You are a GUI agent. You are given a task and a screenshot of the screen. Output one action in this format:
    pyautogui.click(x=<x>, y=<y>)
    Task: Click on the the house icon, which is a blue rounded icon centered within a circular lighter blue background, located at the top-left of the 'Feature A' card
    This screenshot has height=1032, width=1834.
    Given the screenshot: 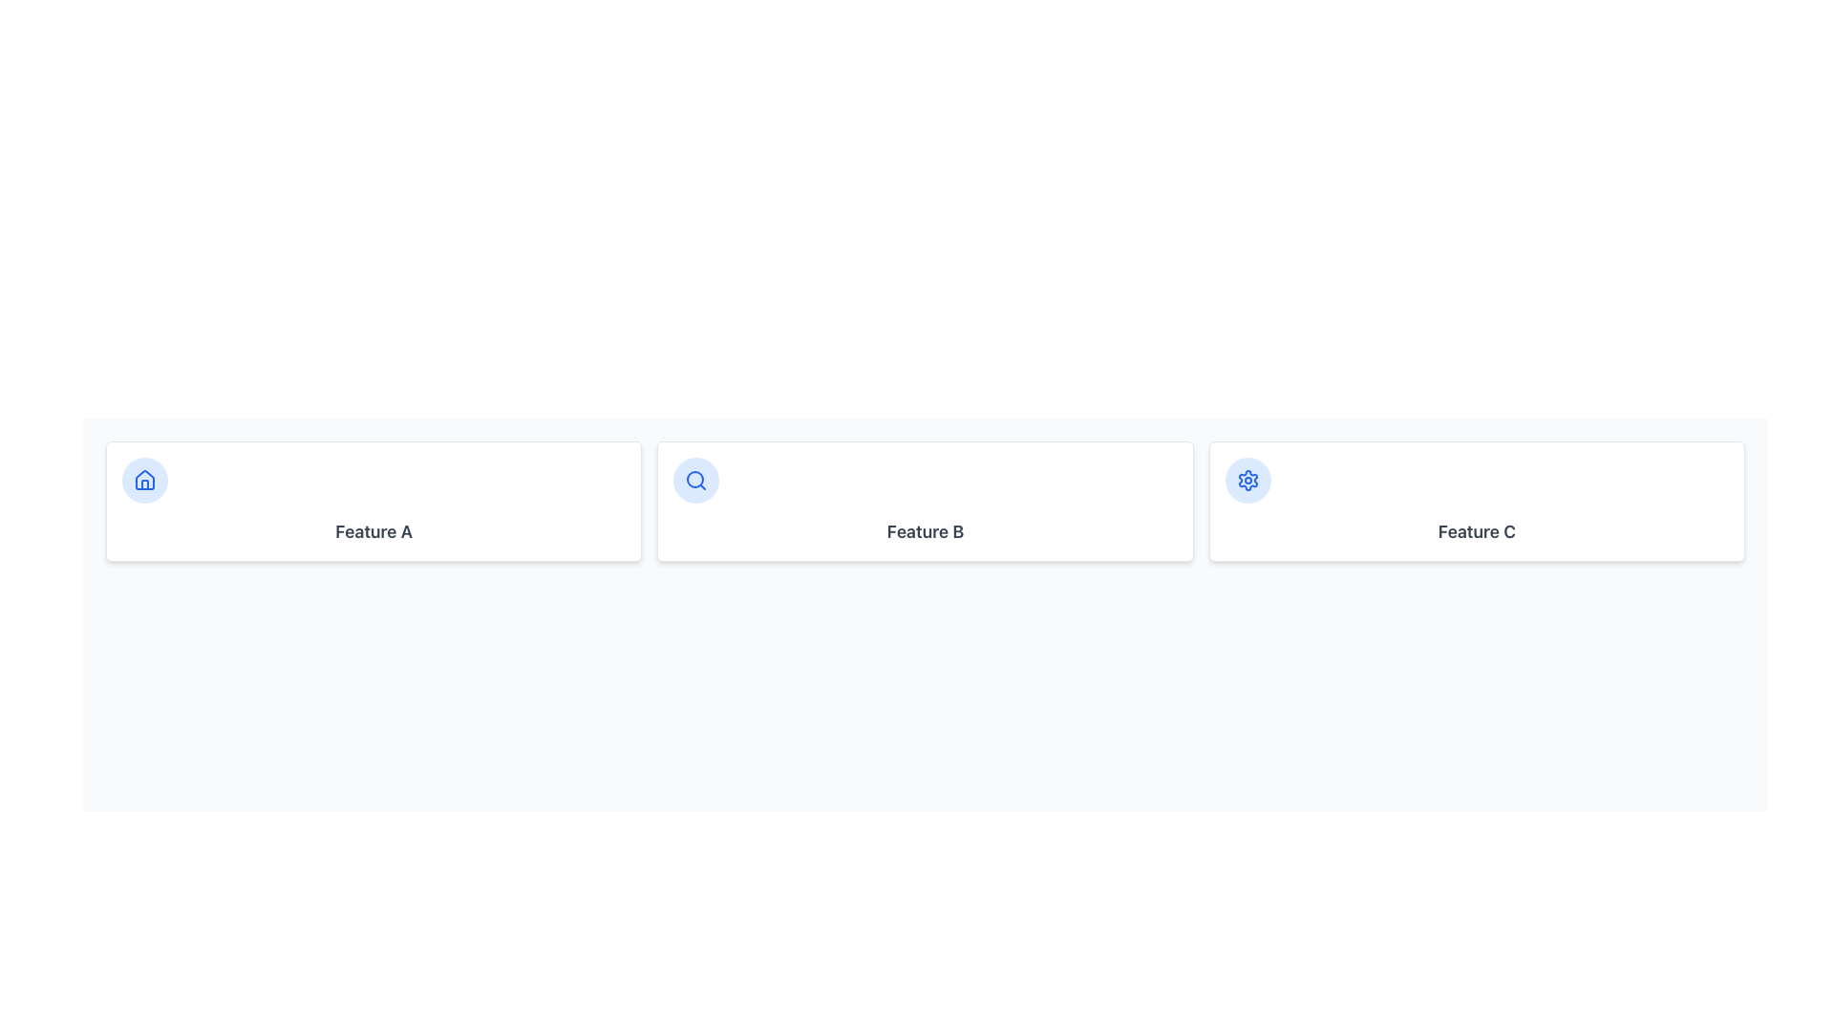 What is the action you would take?
    pyautogui.click(x=144, y=479)
    